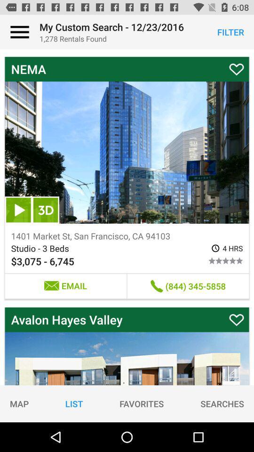  What do you see at coordinates (45, 210) in the screenshot?
I see `item above the 1401 market st` at bounding box center [45, 210].